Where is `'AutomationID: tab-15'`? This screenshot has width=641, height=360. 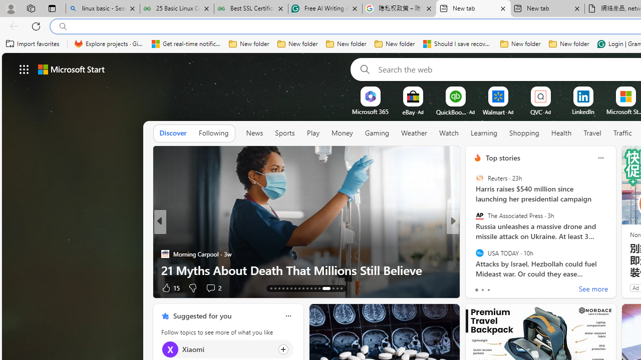 'AutomationID: tab-15' is located at coordinates (279, 288).